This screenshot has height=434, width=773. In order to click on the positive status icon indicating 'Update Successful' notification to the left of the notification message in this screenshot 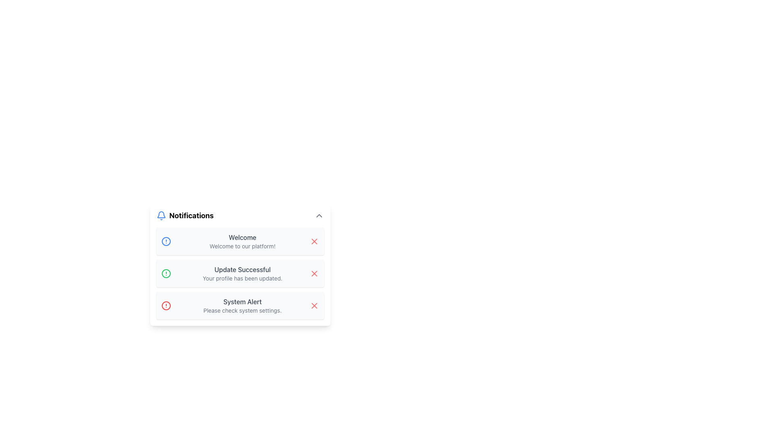, I will do `click(165, 273)`.